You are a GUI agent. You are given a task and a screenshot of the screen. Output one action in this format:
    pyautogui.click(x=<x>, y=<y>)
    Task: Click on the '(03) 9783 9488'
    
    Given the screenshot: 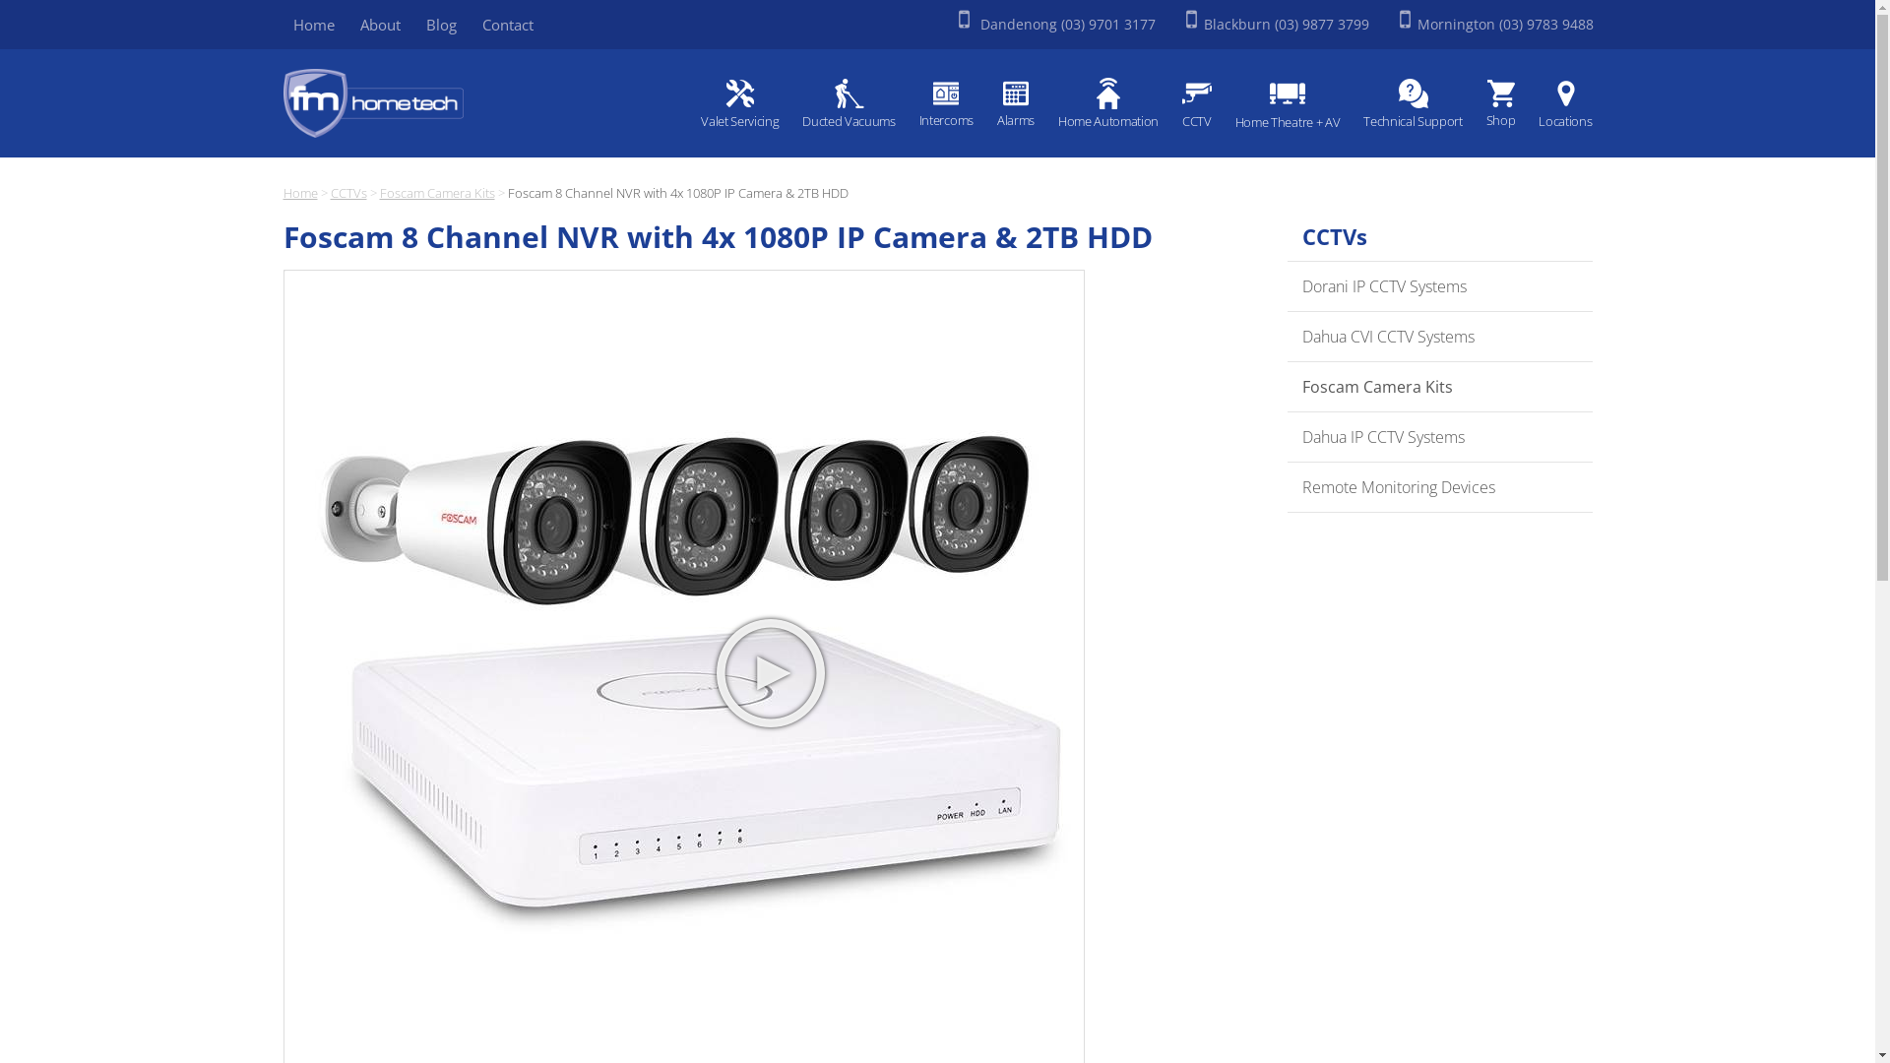 What is the action you would take?
    pyautogui.click(x=1544, y=24)
    